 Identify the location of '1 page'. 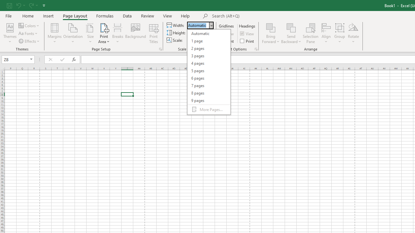
(209, 41).